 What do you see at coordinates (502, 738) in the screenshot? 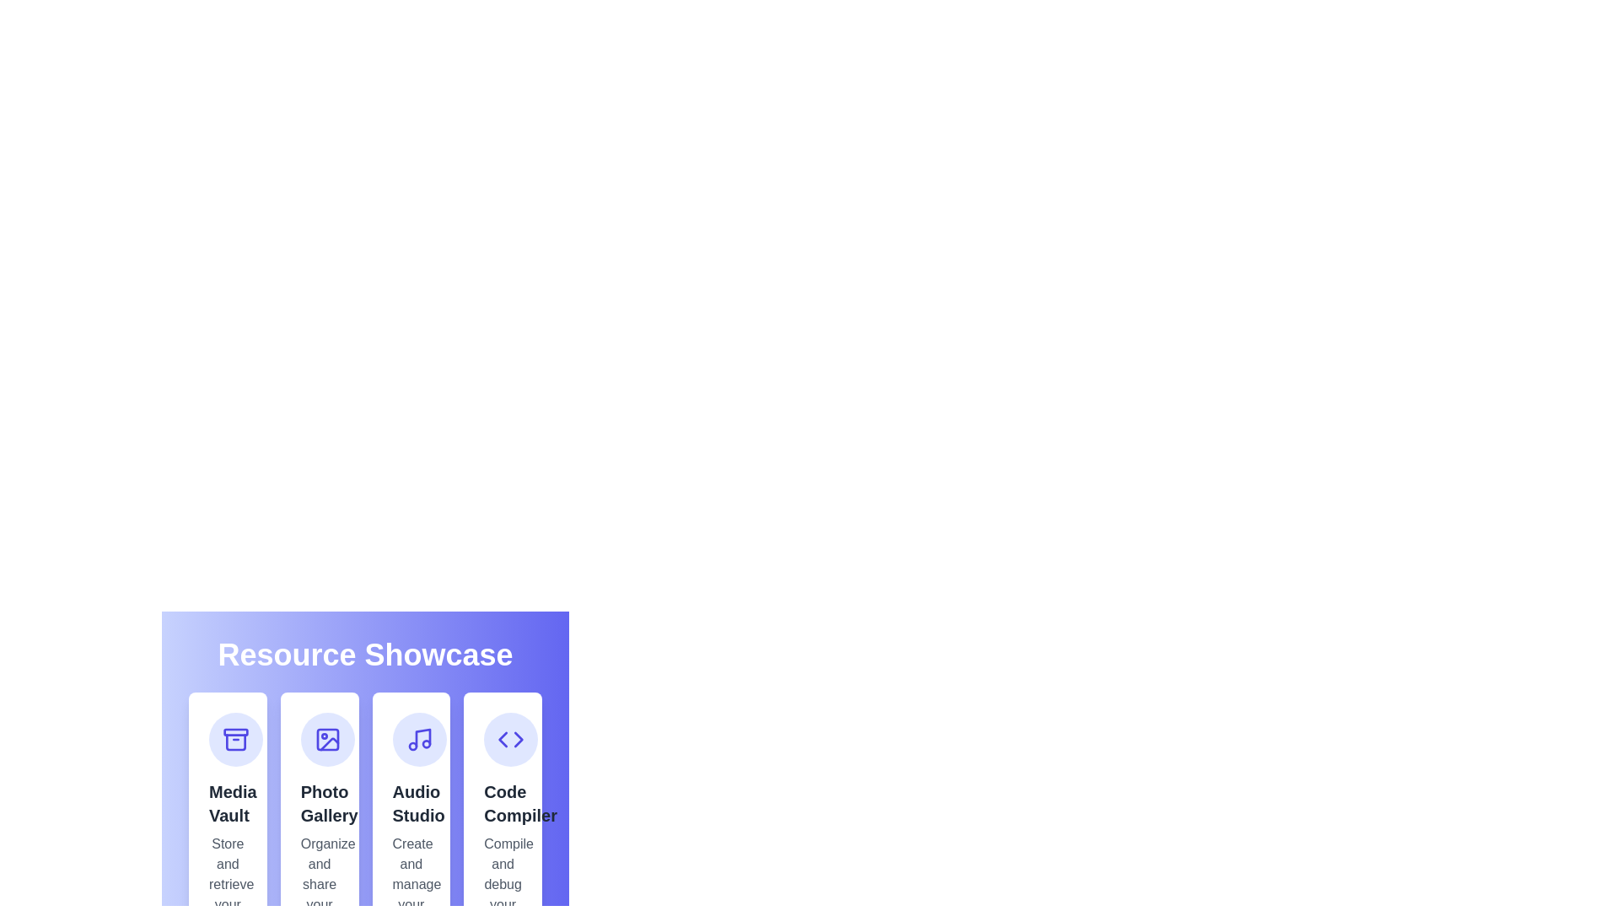
I see `the leftward arrowhead in the SVG graphic located in the rightmost column of the 'Code Compiler' section, which symbolizes navigation or directional actions` at bounding box center [502, 738].